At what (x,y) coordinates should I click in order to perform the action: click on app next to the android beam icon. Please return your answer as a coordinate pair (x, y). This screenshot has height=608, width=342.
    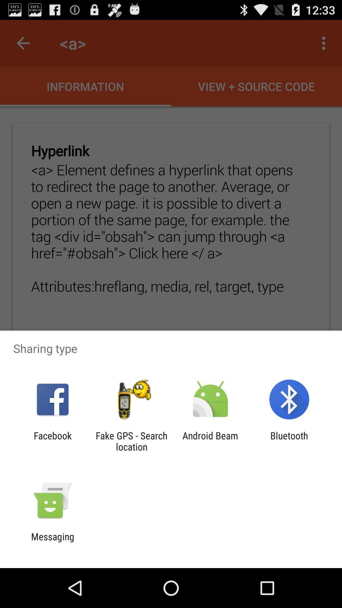
    Looking at the image, I should click on (289, 441).